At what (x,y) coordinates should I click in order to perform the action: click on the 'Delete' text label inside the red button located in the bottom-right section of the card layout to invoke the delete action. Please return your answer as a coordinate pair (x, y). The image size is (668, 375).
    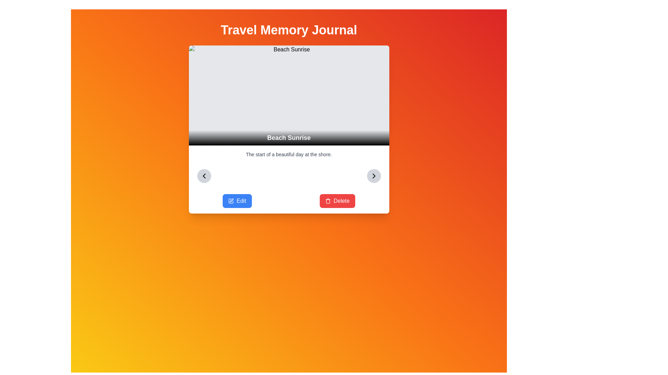
    Looking at the image, I should click on (341, 201).